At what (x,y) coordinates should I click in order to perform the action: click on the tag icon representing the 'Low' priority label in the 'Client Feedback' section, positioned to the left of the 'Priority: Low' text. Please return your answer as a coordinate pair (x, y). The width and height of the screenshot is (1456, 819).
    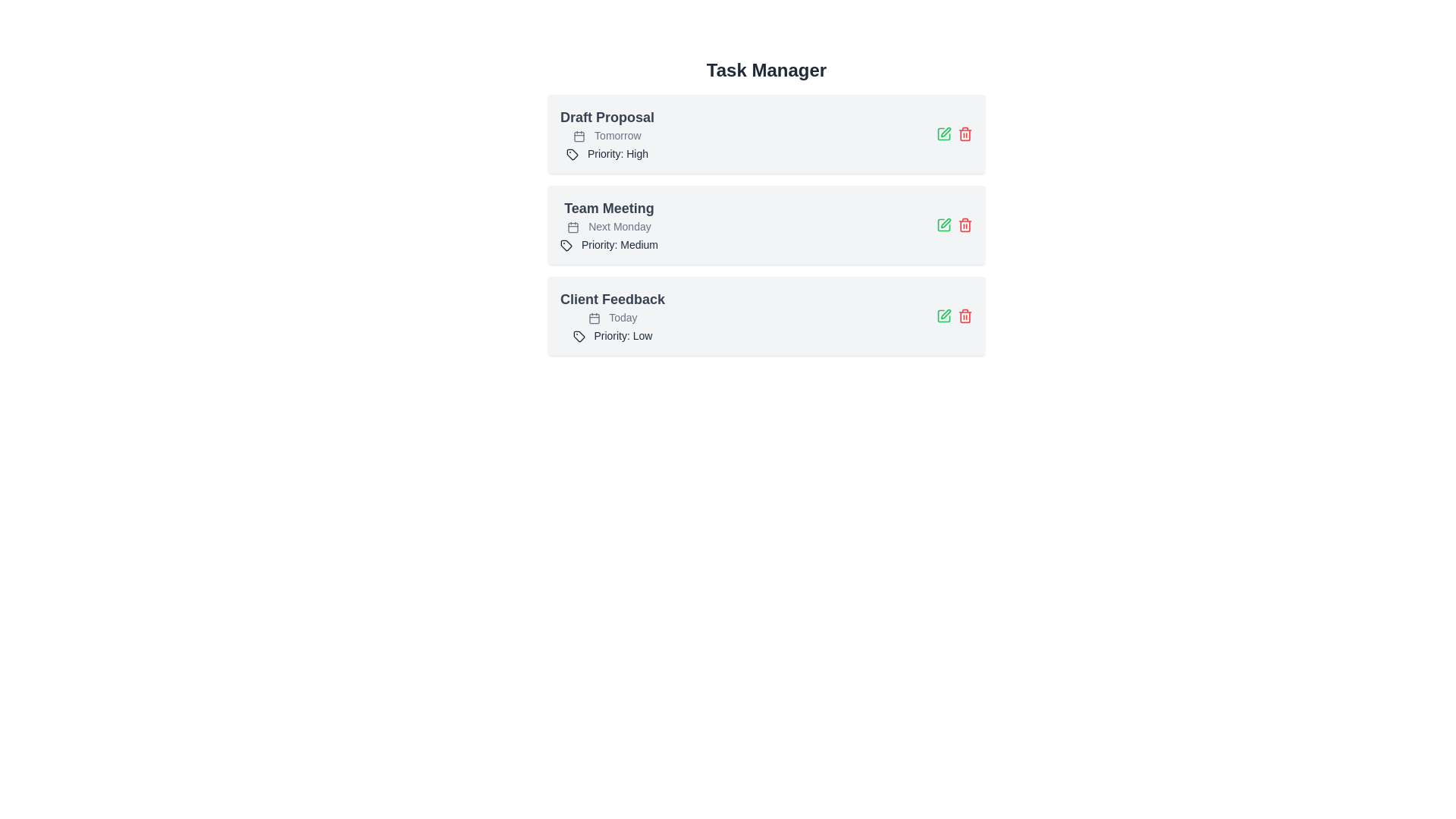
    Looking at the image, I should click on (578, 336).